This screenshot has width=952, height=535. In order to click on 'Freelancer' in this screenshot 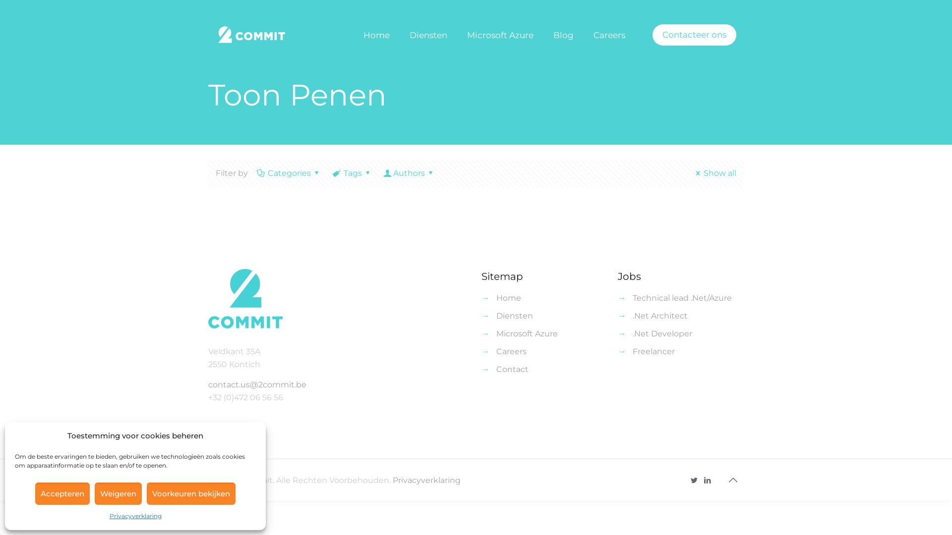, I will do `click(654, 351)`.